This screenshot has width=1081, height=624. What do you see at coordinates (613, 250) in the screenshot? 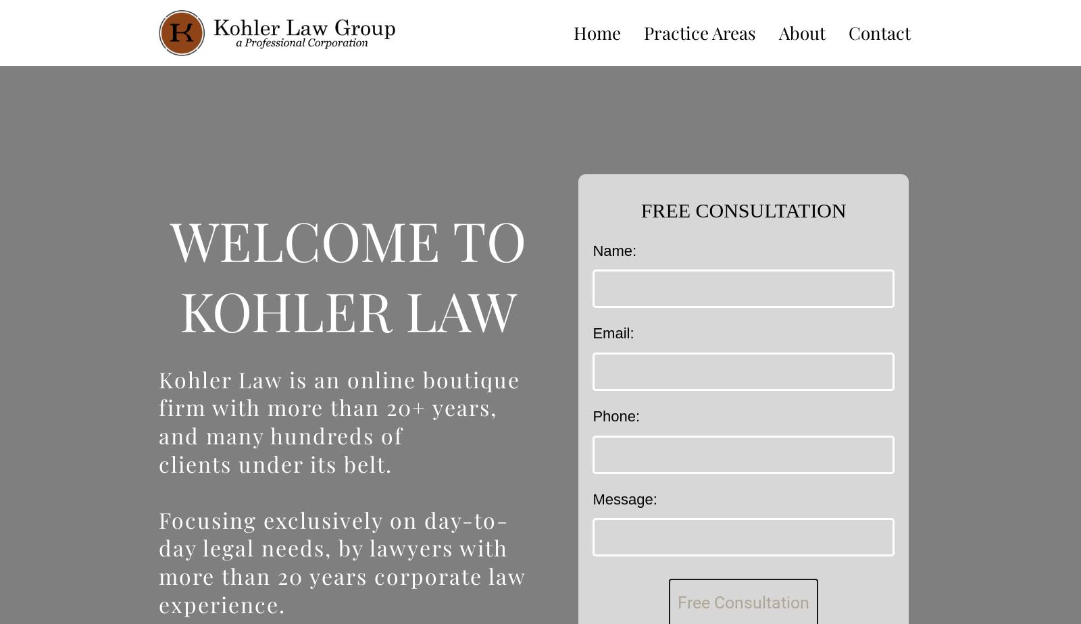
I see `'Name:'` at bounding box center [613, 250].